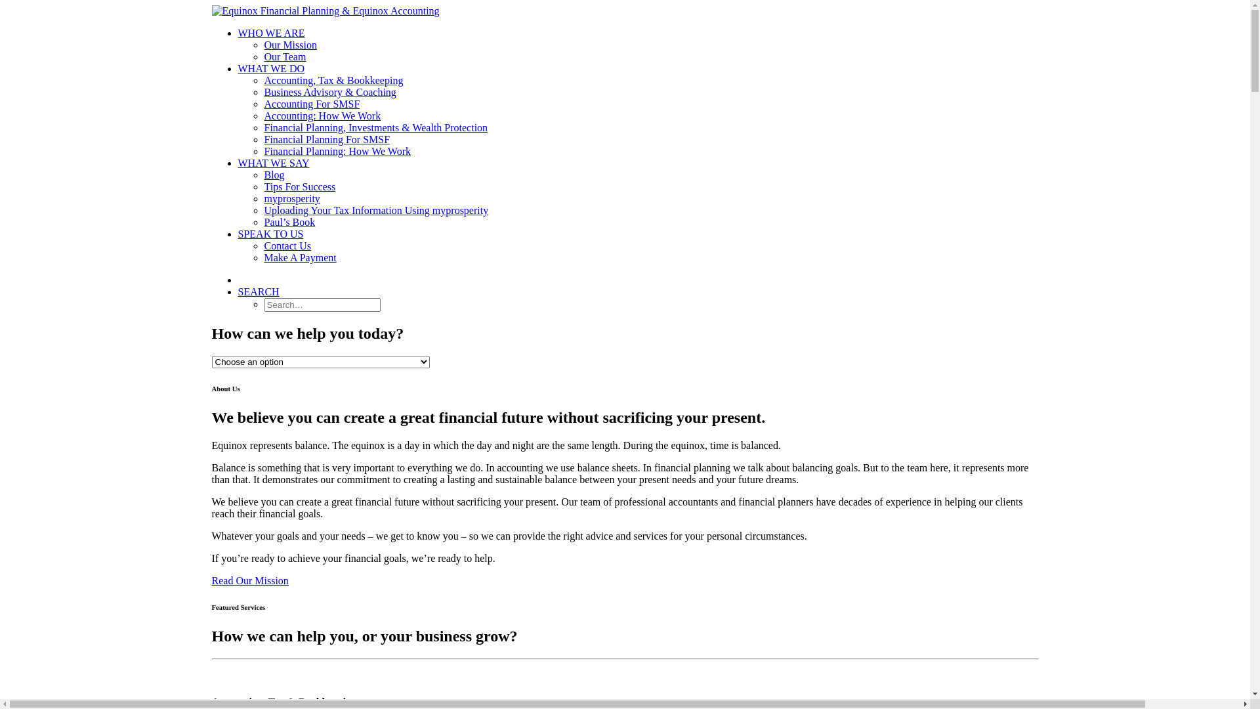  I want to click on 'Search for:', so click(322, 305).